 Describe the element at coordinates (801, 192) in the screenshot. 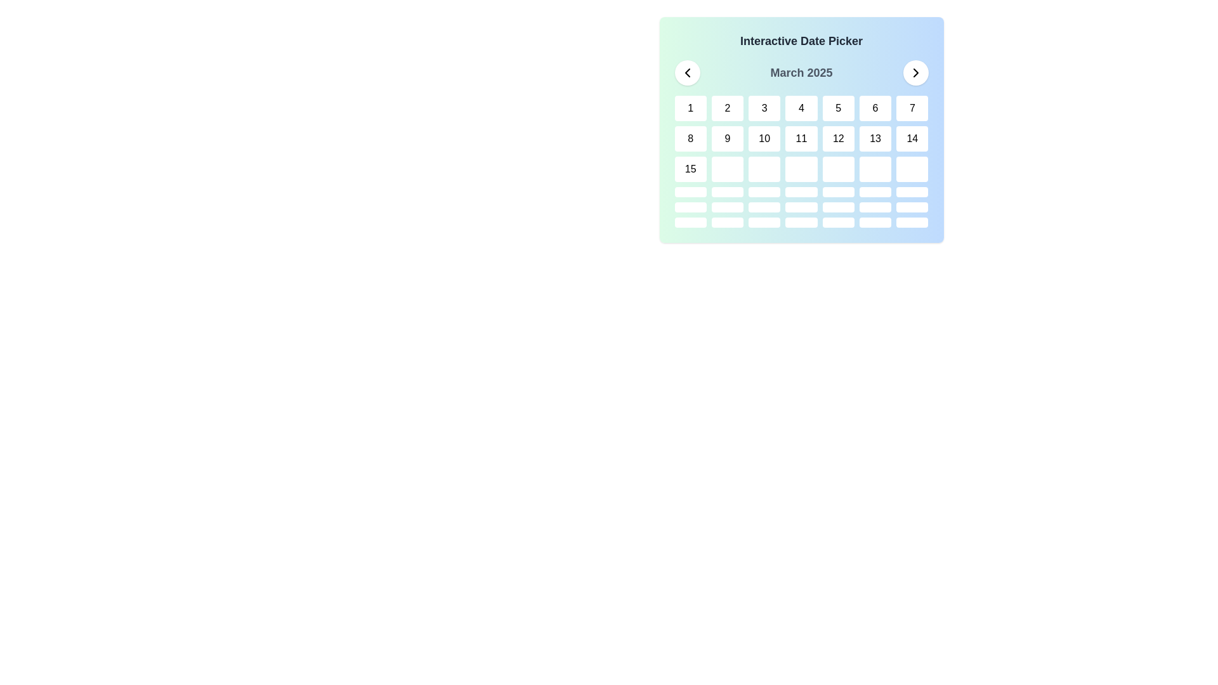

I see `the interactive date cell button located in the 4th box of the 4th row within the calendar for March 2025` at that location.